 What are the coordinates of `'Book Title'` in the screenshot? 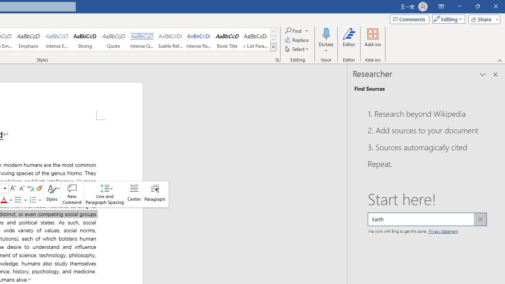 It's located at (227, 39).